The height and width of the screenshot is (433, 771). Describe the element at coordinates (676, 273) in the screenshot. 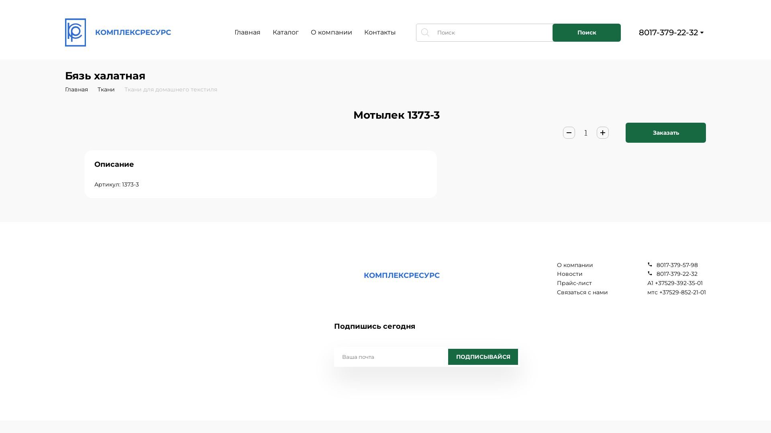

I see `'8017-379-22-32'` at that location.